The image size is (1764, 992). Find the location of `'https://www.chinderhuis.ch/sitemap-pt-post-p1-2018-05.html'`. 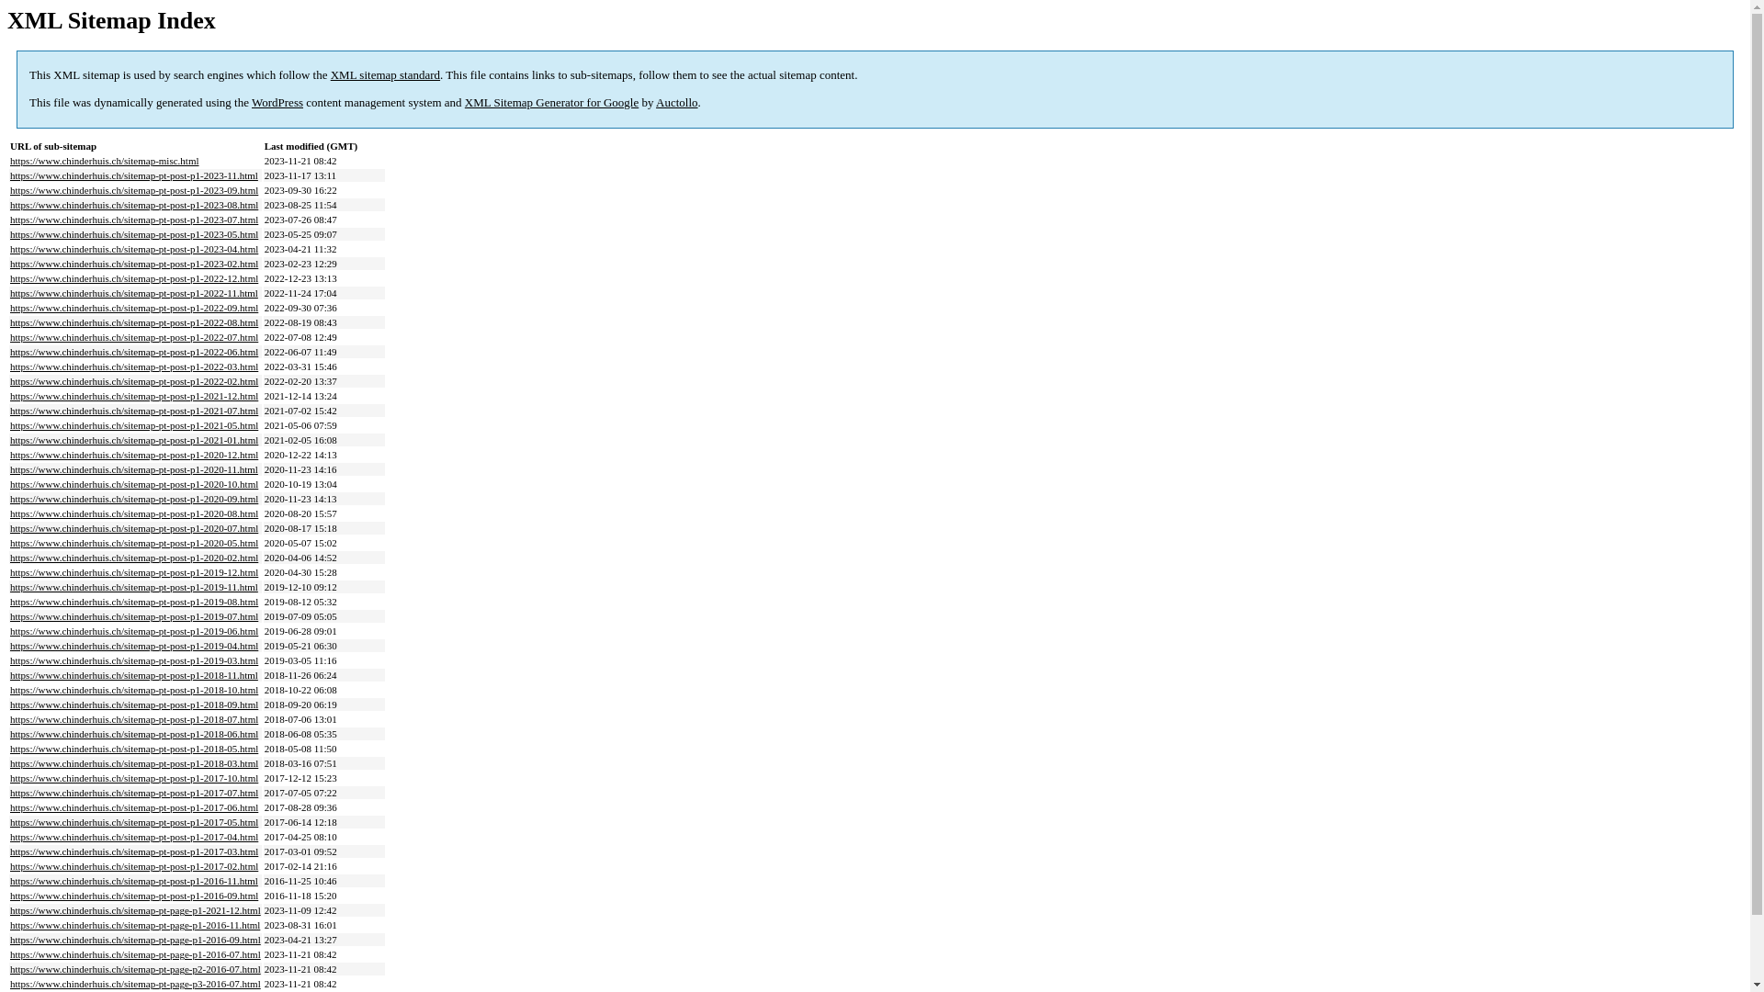

'https://www.chinderhuis.ch/sitemap-pt-post-p1-2018-05.html' is located at coordinates (132, 748).